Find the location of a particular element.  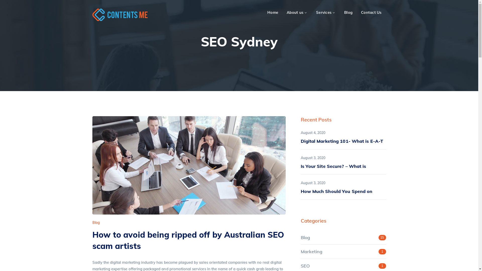

'Services' is located at coordinates (326, 12).